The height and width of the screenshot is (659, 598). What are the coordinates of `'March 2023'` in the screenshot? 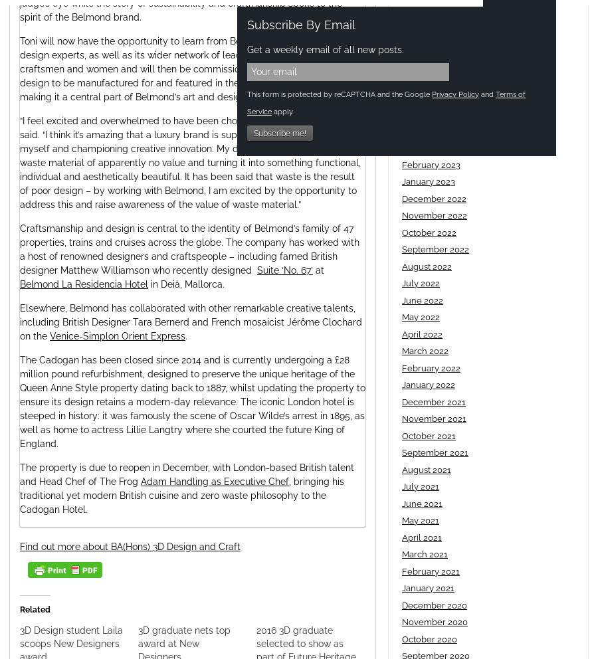 It's located at (425, 147).